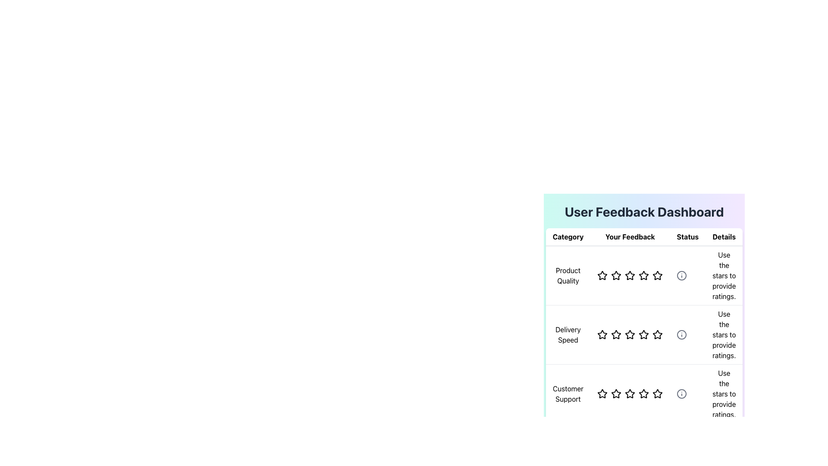 This screenshot has width=828, height=466. I want to click on the circular information icon in the 'Details' column of the 'Delivery Speed' row in the 'User Feedback Dashboard' table, so click(681, 334).